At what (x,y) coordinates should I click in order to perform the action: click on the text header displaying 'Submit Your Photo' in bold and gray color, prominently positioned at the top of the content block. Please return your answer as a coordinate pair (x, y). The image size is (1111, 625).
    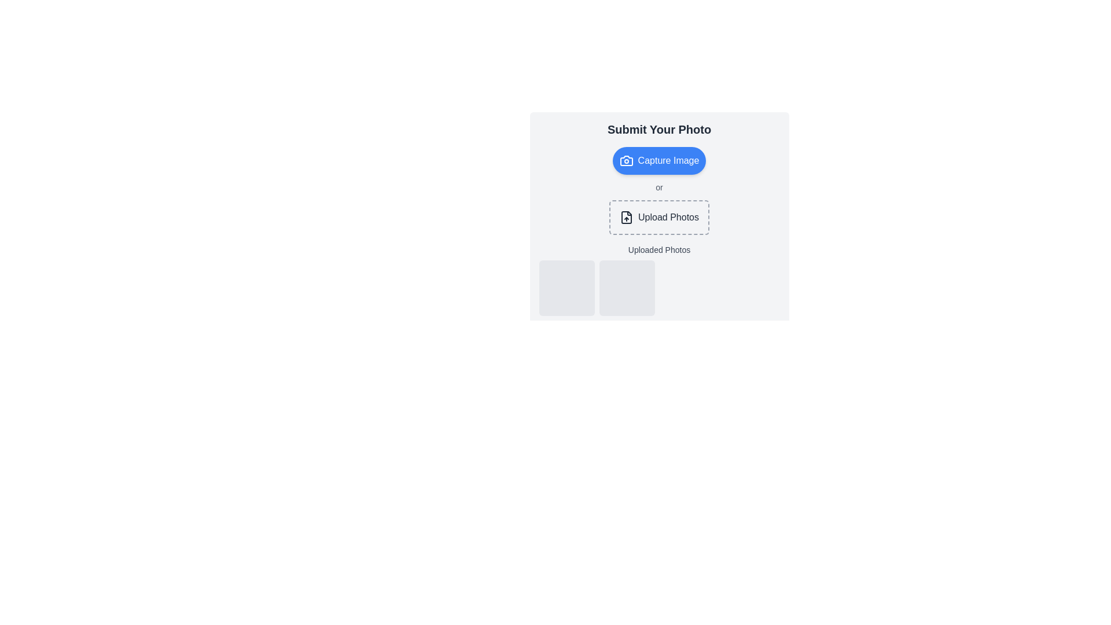
    Looking at the image, I should click on (659, 129).